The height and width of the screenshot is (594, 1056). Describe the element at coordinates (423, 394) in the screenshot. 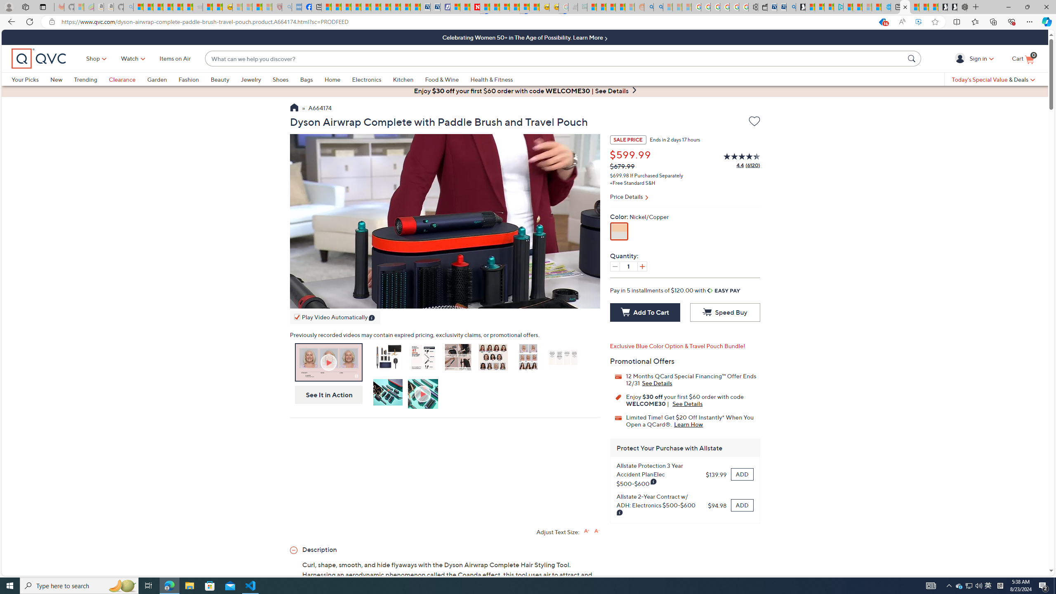

I see `'How to Use'` at that location.